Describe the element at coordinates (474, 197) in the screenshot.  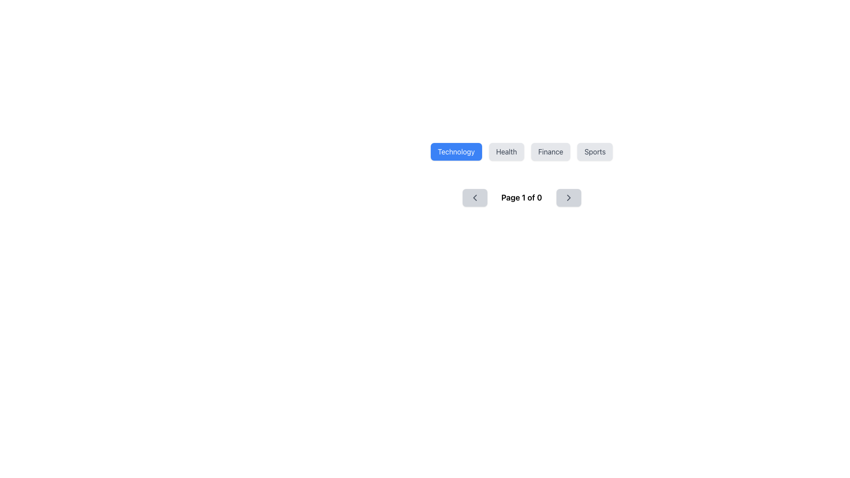
I see `the gray button with a left-pointing chevron` at that location.